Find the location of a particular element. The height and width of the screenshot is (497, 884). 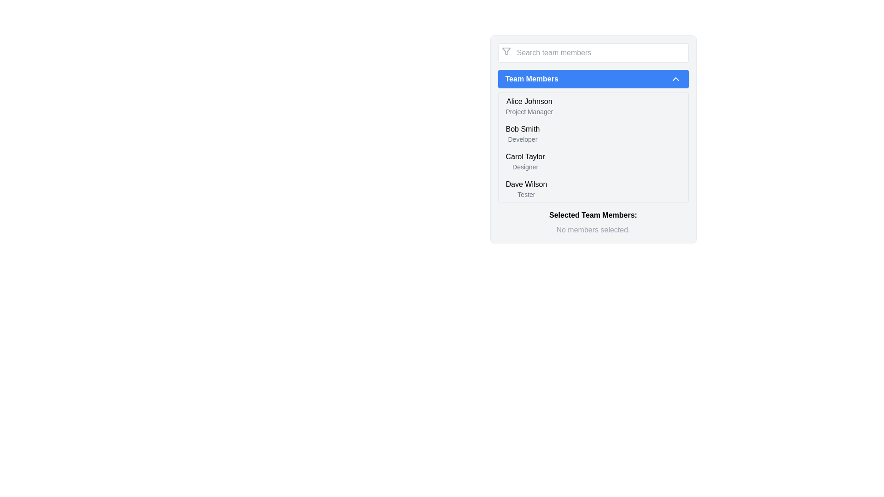

the List item displaying 'Bob Smith' and 'Developer', which is the second item under 'Team Members' is located at coordinates (593, 133).